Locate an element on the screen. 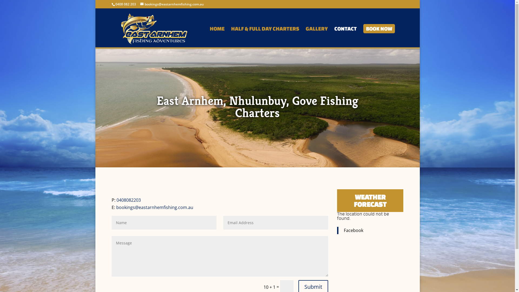 The height and width of the screenshot is (292, 519). 'HALF & FULL DAY CHARTERS' is located at coordinates (265, 36).